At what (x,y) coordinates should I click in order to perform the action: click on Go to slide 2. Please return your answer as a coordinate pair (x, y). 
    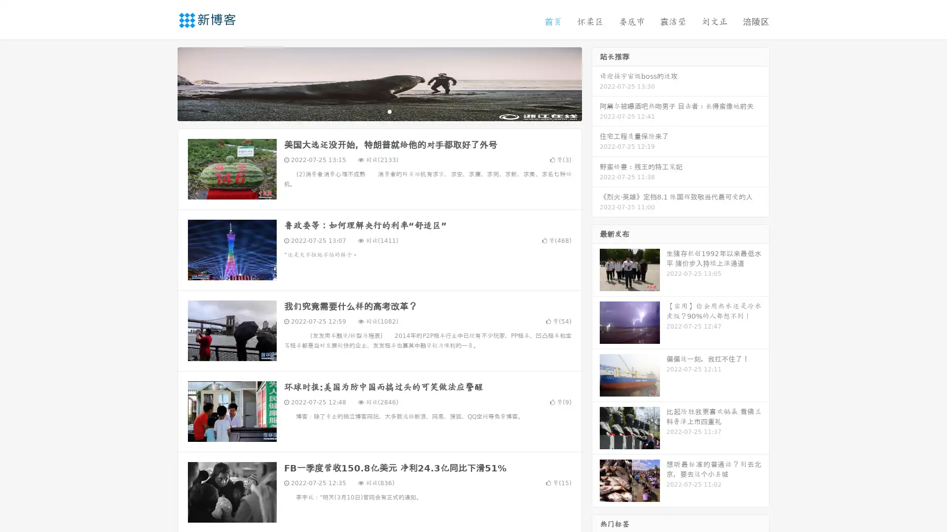
    Looking at the image, I should click on (379, 111).